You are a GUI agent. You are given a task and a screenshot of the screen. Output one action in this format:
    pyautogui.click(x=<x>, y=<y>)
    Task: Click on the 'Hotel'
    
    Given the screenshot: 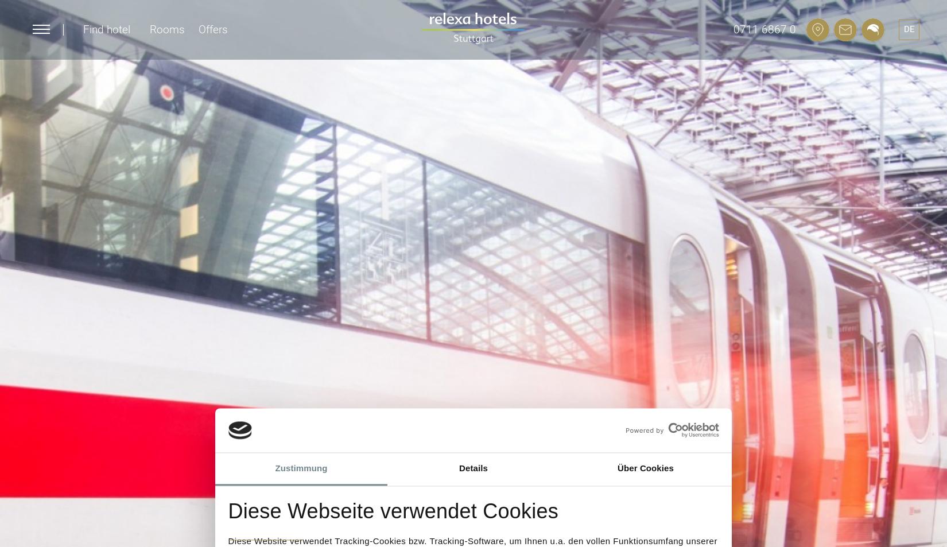 What is the action you would take?
    pyautogui.click(x=53, y=121)
    